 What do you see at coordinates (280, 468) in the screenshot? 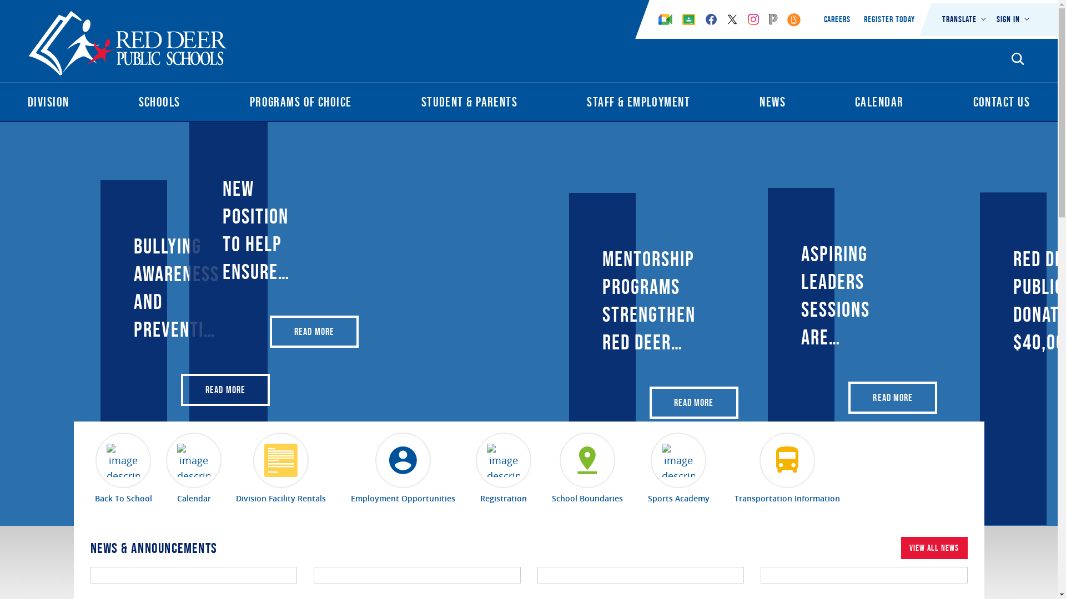
I see `'Division Facility Rentals'` at bounding box center [280, 468].